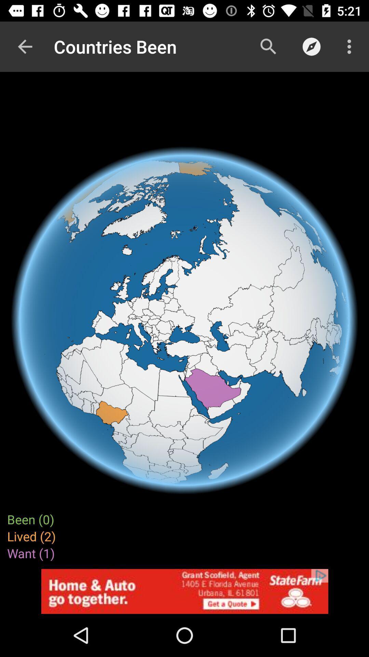 The image size is (369, 657). Describe the element at coordinates (184, 591) in the screenshot. I see `space where you access advertising` at that location.